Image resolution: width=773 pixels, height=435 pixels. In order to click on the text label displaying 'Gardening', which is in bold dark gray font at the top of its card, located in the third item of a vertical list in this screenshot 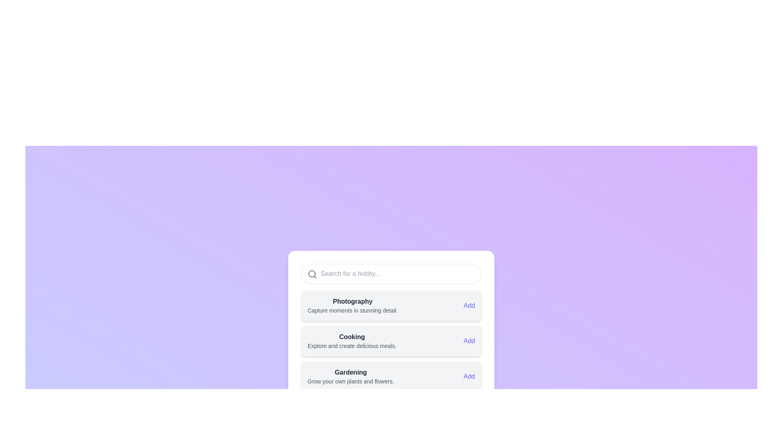, I will do `click(351, 373)`.